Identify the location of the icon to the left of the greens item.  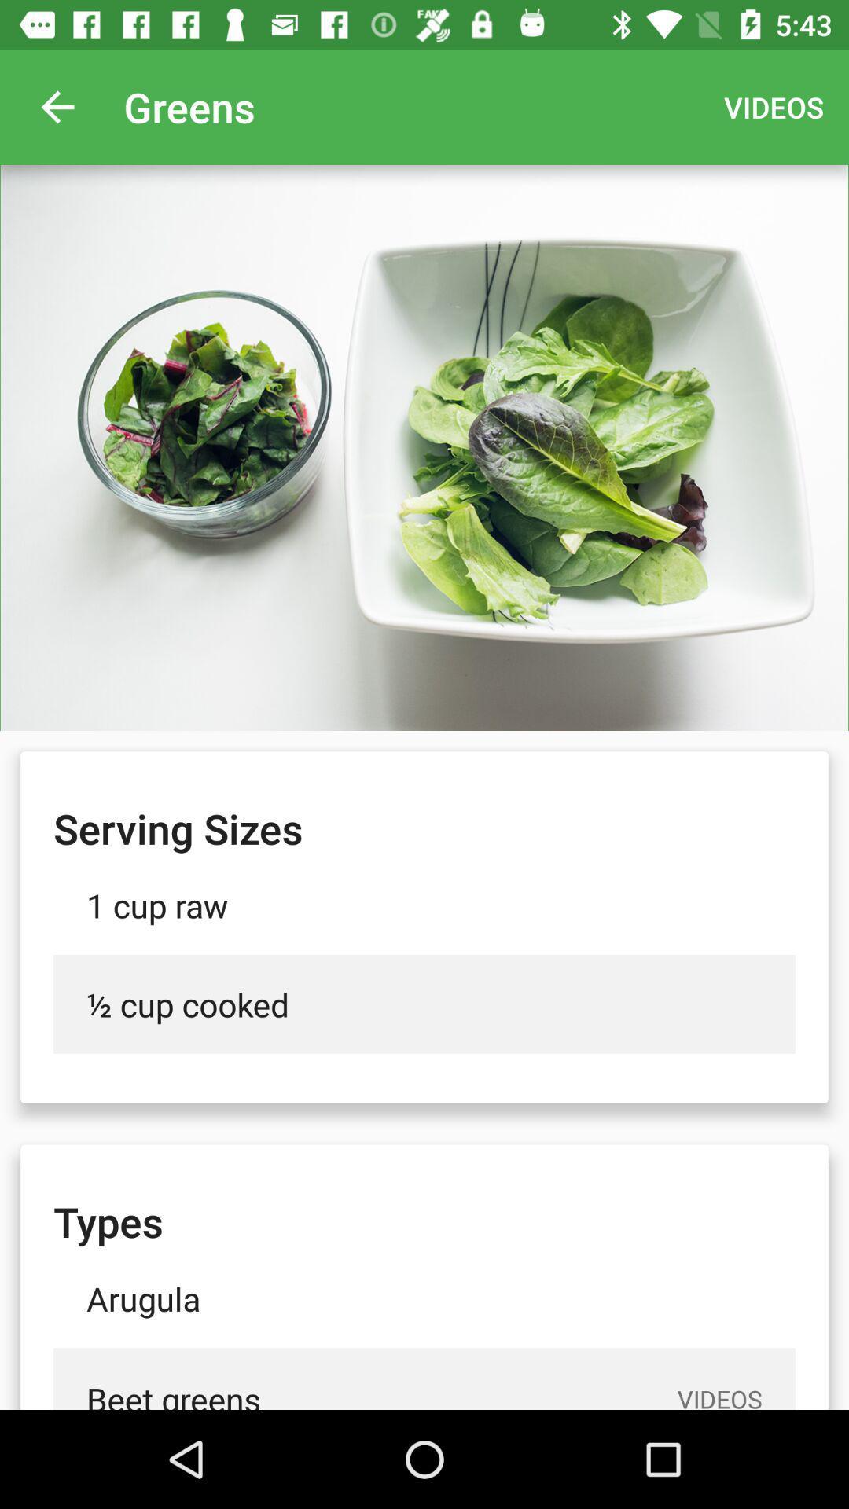
(57, 106).